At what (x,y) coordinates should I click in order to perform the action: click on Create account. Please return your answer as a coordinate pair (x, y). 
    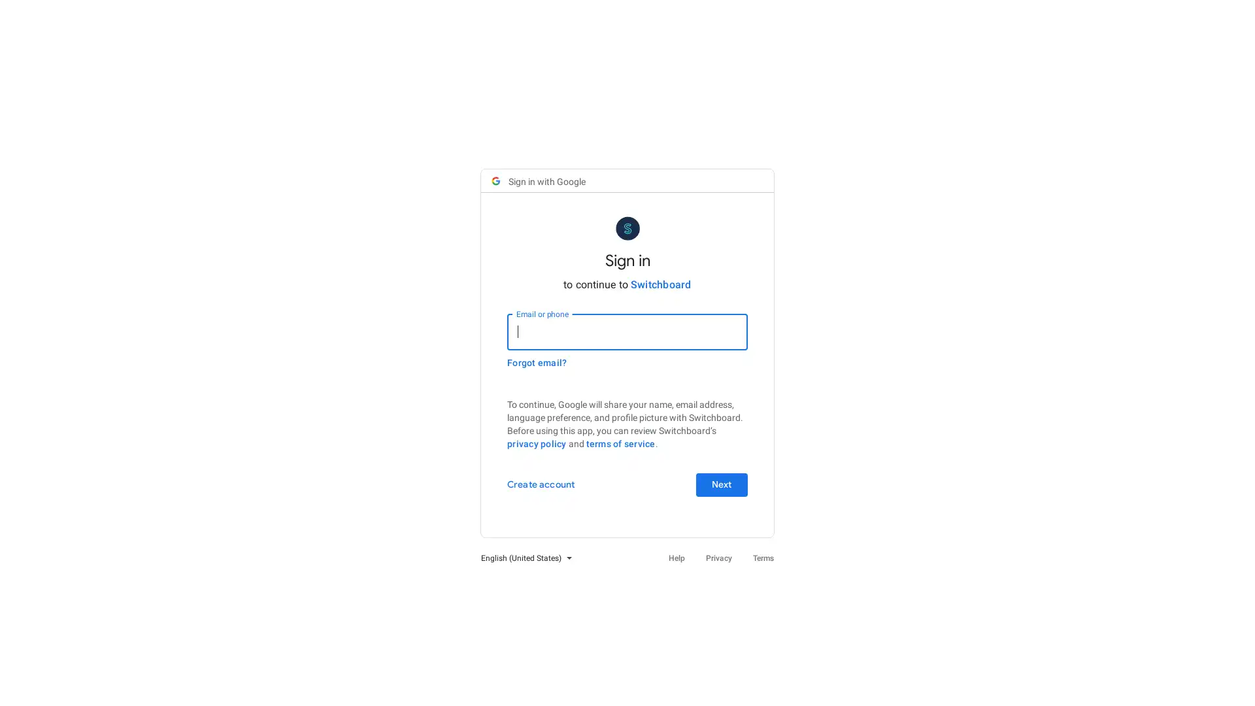
    Looking at the image, I should click on (541, 484).